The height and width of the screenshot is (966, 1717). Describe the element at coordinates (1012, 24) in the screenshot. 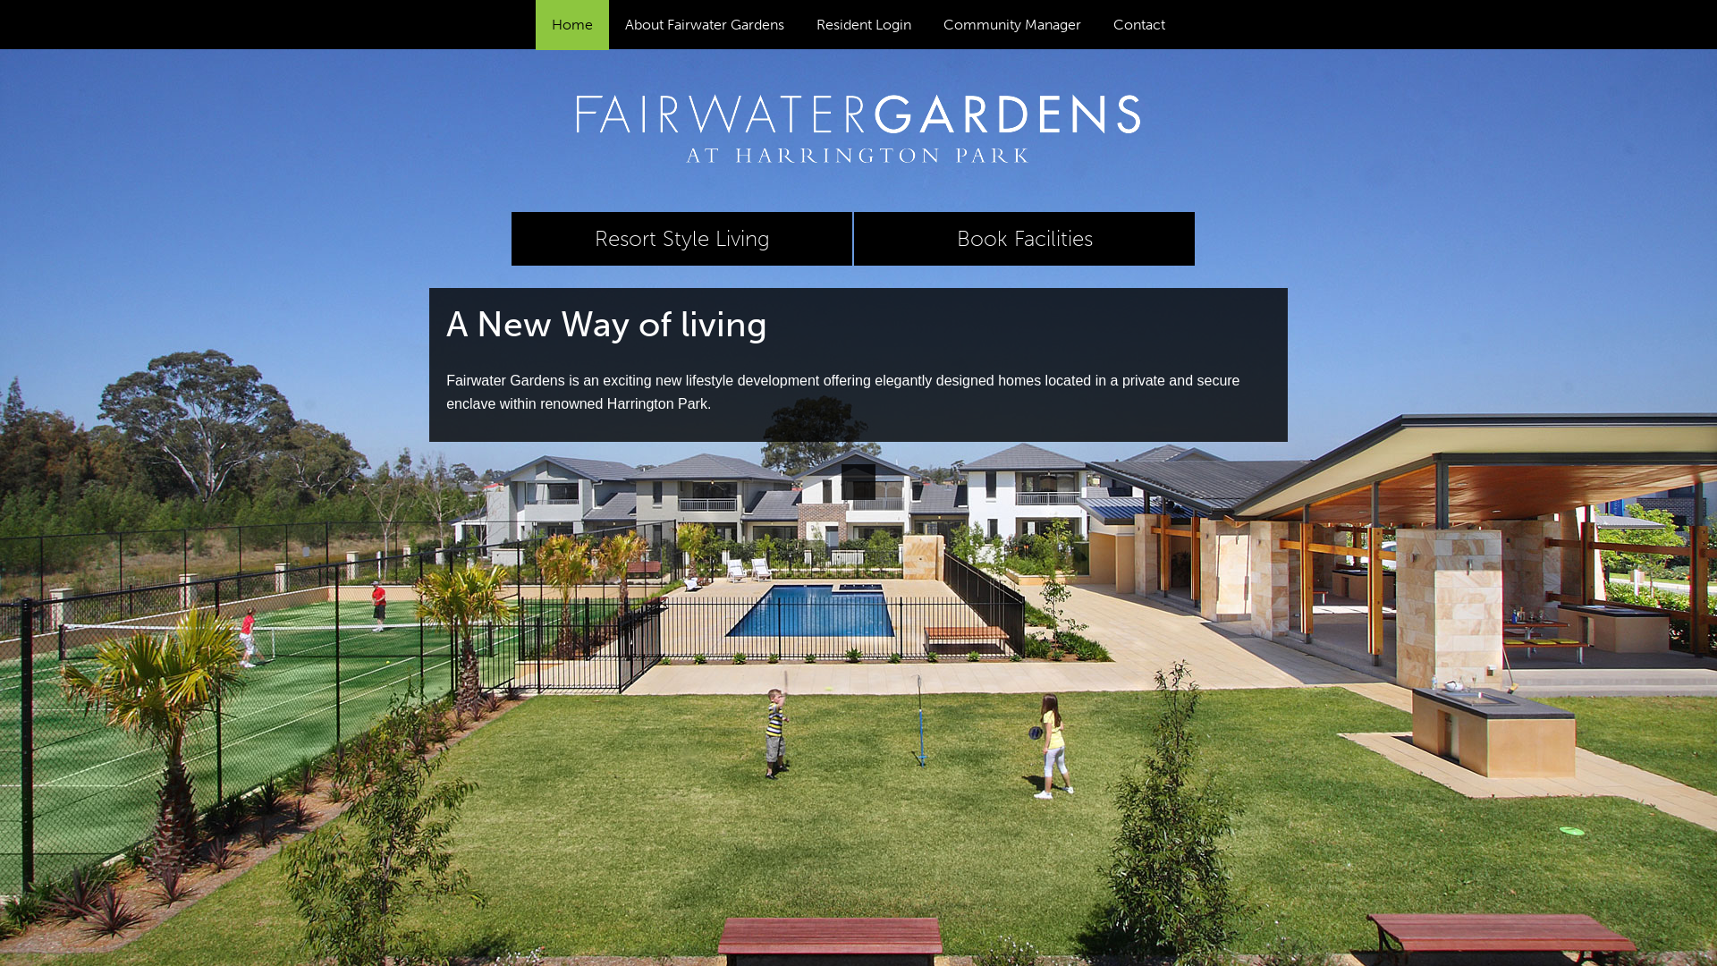

I see `'Community Manager'` at that location.